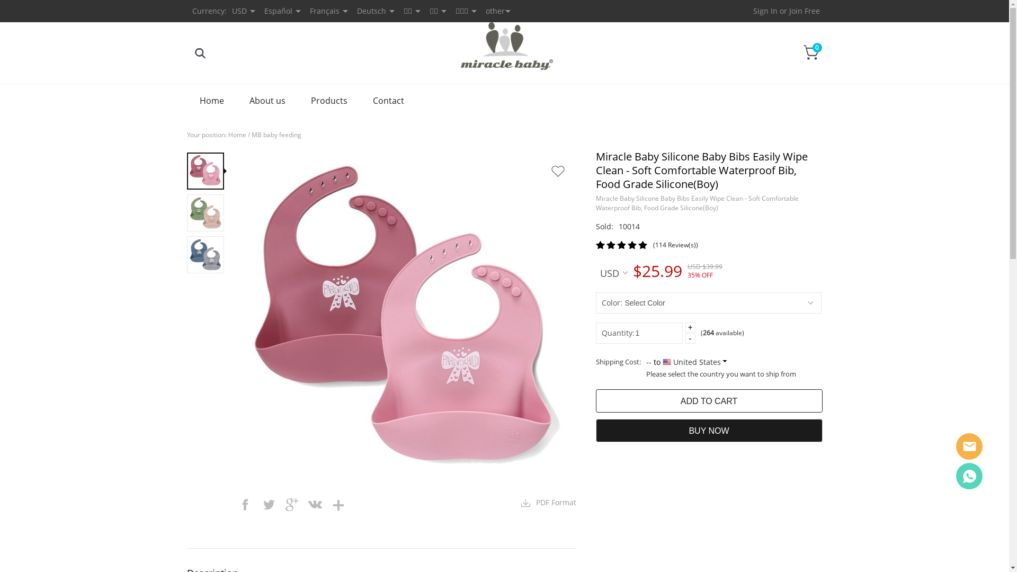 The image size is (1017, 572). What do you see at coordinates (314, 504) in the screenshot?
I see `'vk'` at bounding box center [314, 504].